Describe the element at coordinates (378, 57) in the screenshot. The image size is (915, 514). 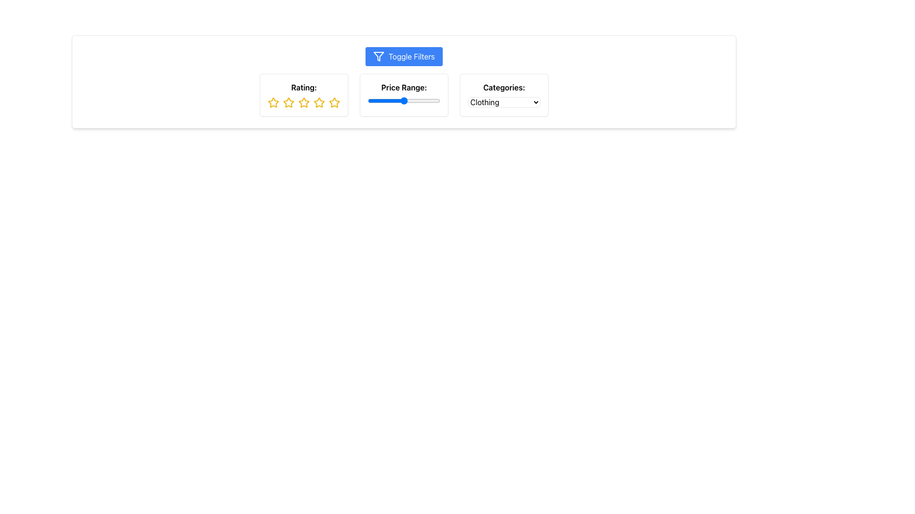
I see `the 'Toggle Filters' icon, which is located to the left of the text label within the 'Toggle Filters' button` at that location.